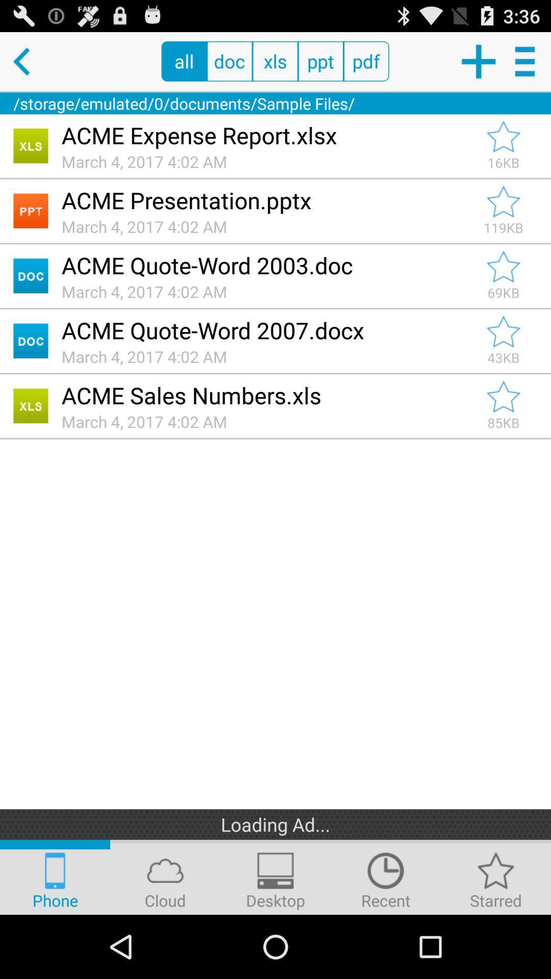 This screenshot has height=979, width=551. Describe the element at coordinates (503, 201) in the screenshot. I see `mark as important` at that location.